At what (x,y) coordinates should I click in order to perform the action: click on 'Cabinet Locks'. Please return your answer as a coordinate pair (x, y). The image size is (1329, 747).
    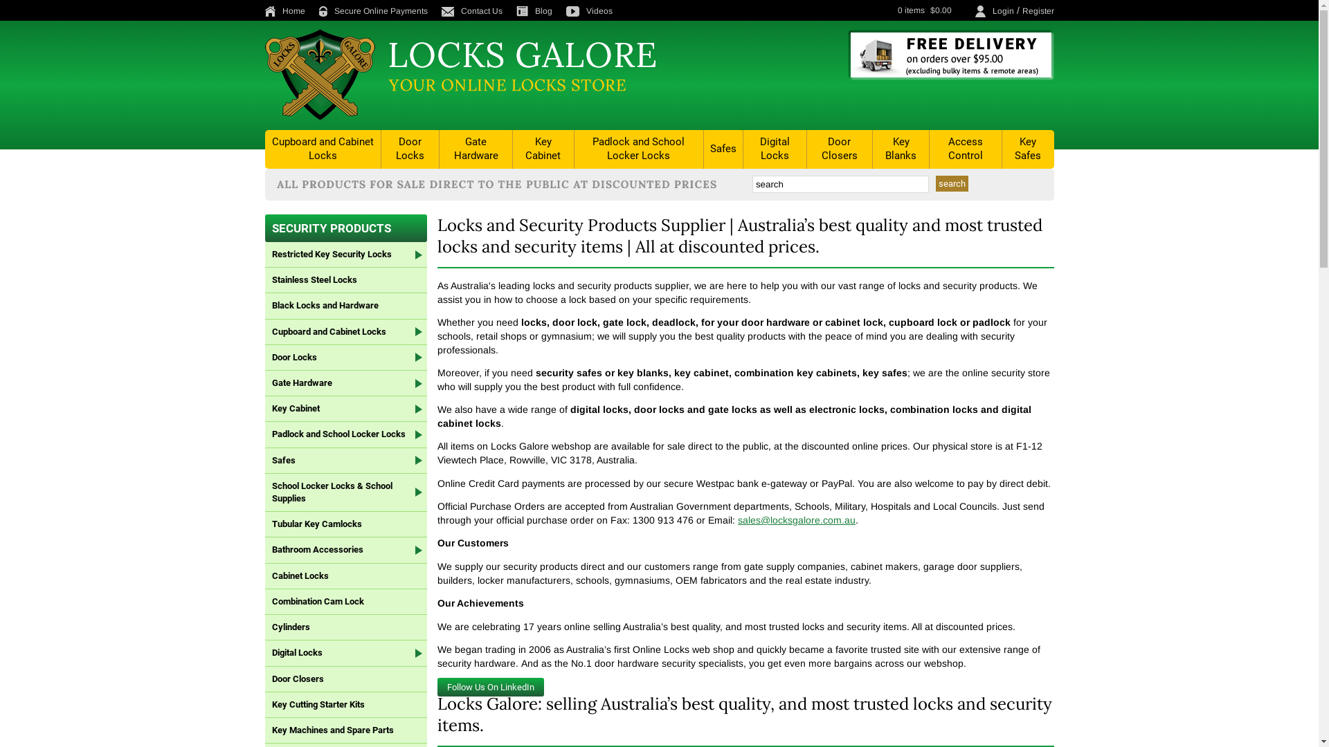
    Looking at the image, I should click on (264, 576).